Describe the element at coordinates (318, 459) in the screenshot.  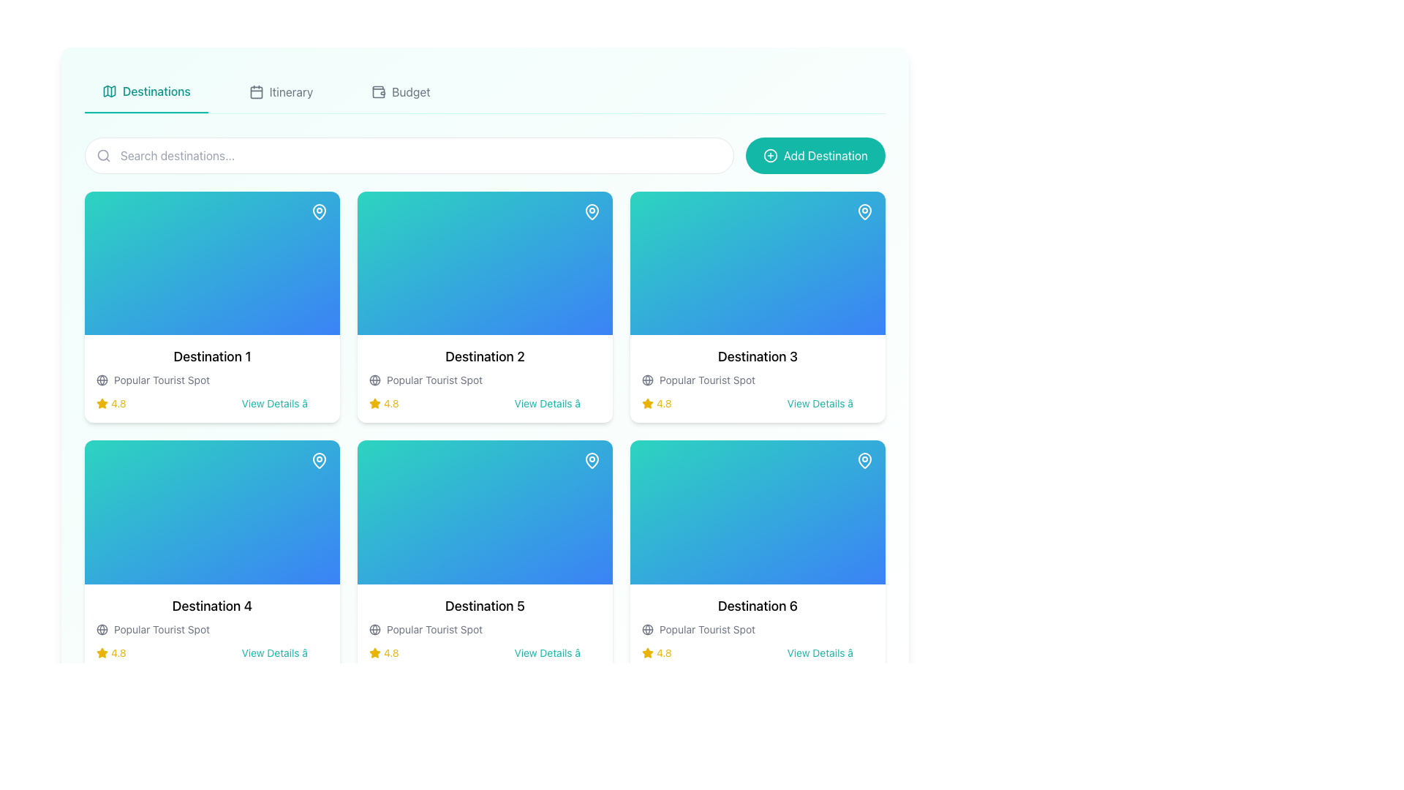
I see `the blue pin-shaped map marker icon located at the top-right corner of the 'Destination 4' card in the 3x2 grid layout` at that location.